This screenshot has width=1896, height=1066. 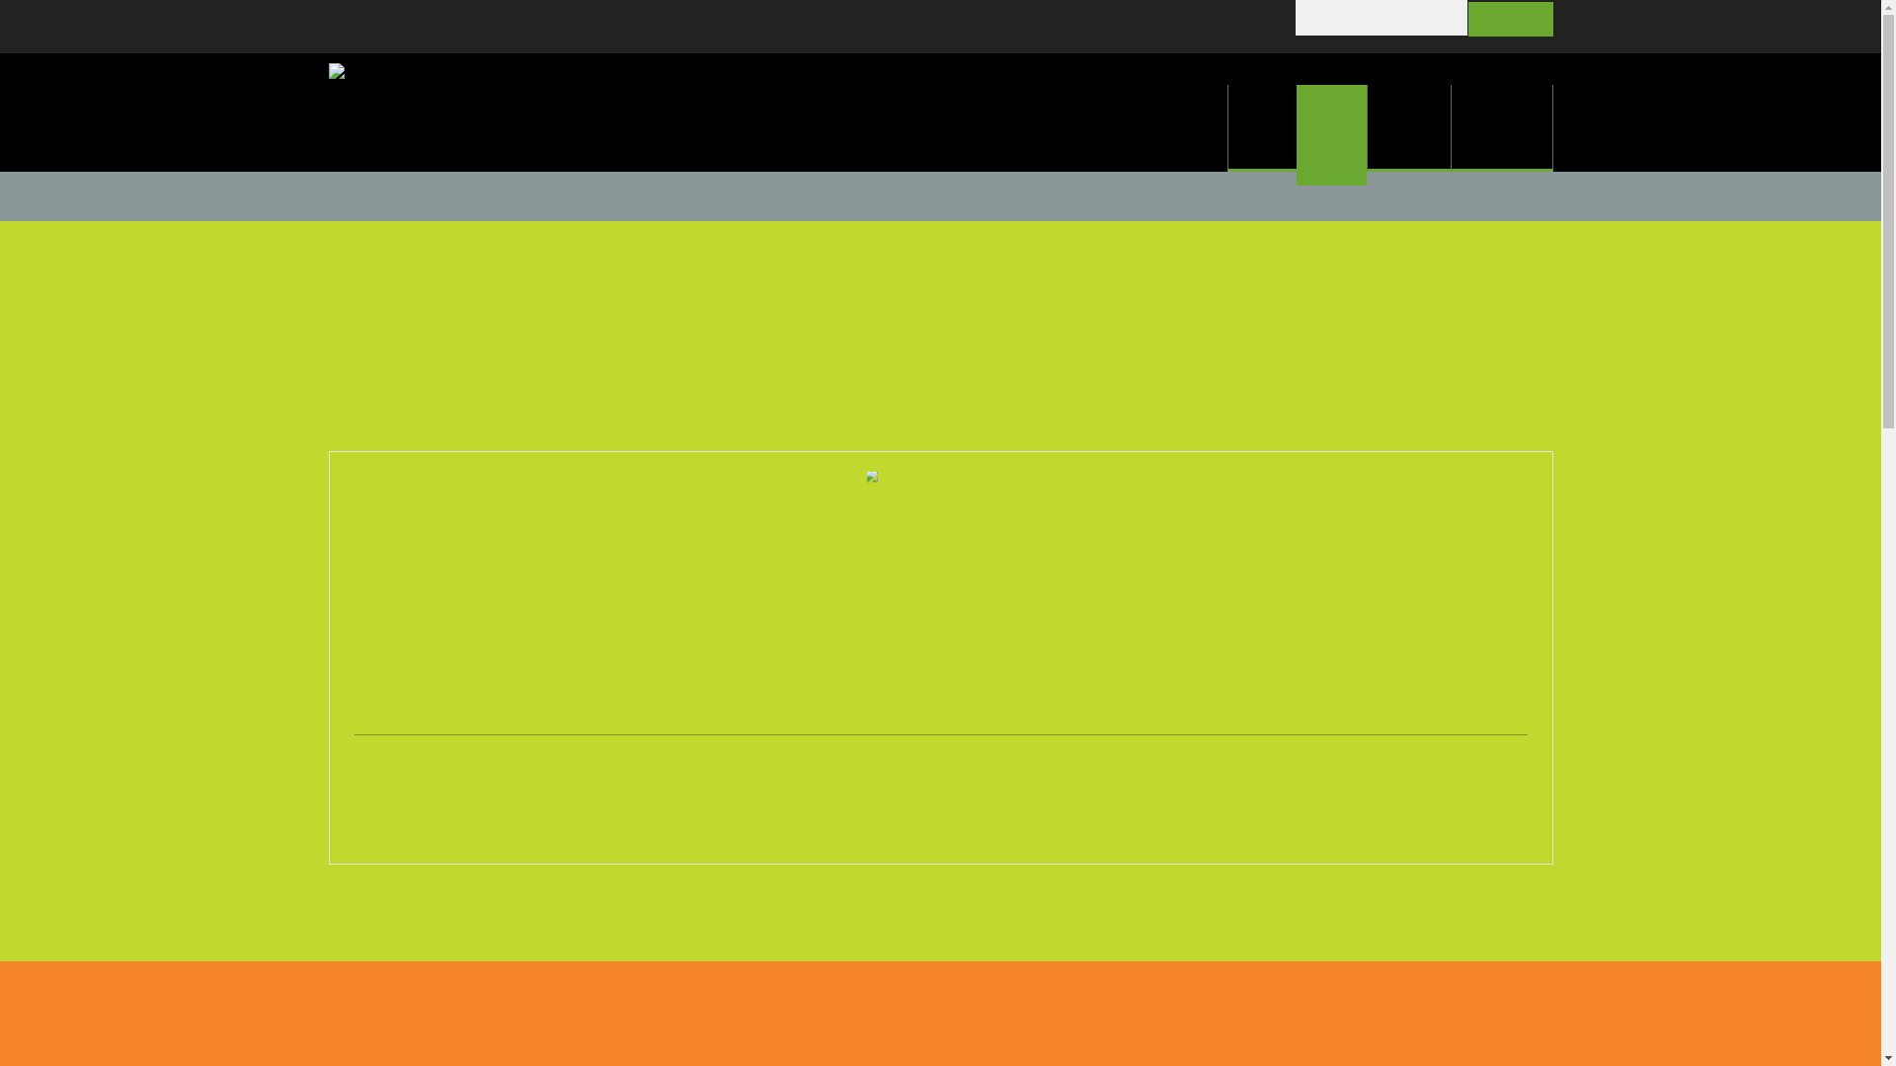 I want to click on 'Services', so click(x=1407, y=128).